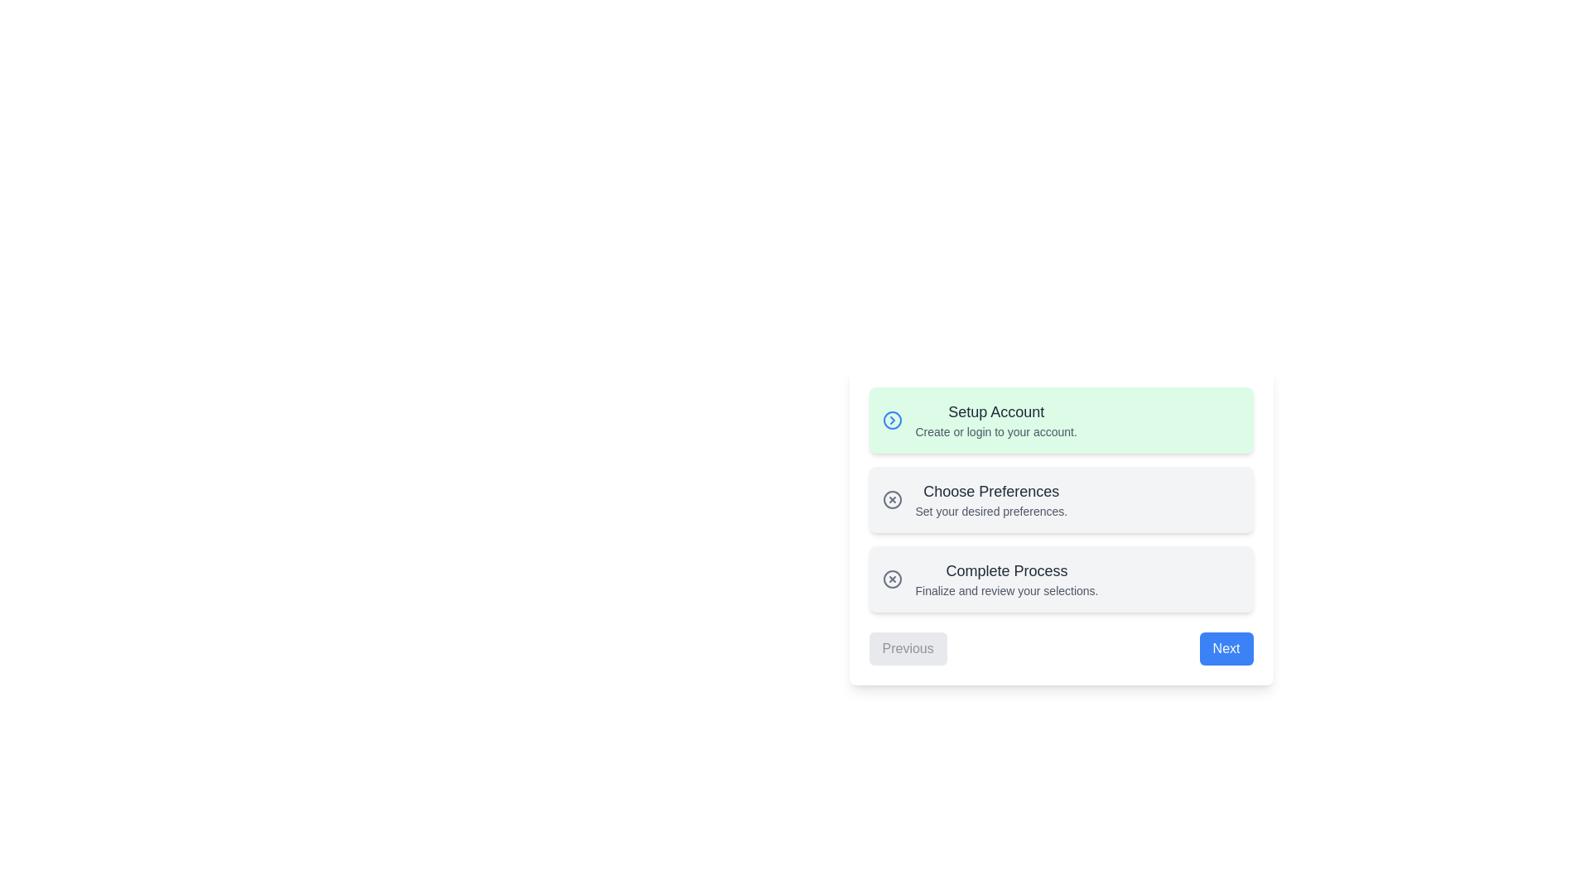 The height and width of the screenshot is (894, 1590). Describe the element at coordinates (891, 578) in the screenshot. I see `the circular close icon with a thin border, part of the 'Finalize and review your selections' section in the list of steps, positioned left of the 'Complete Process' label` at that location.